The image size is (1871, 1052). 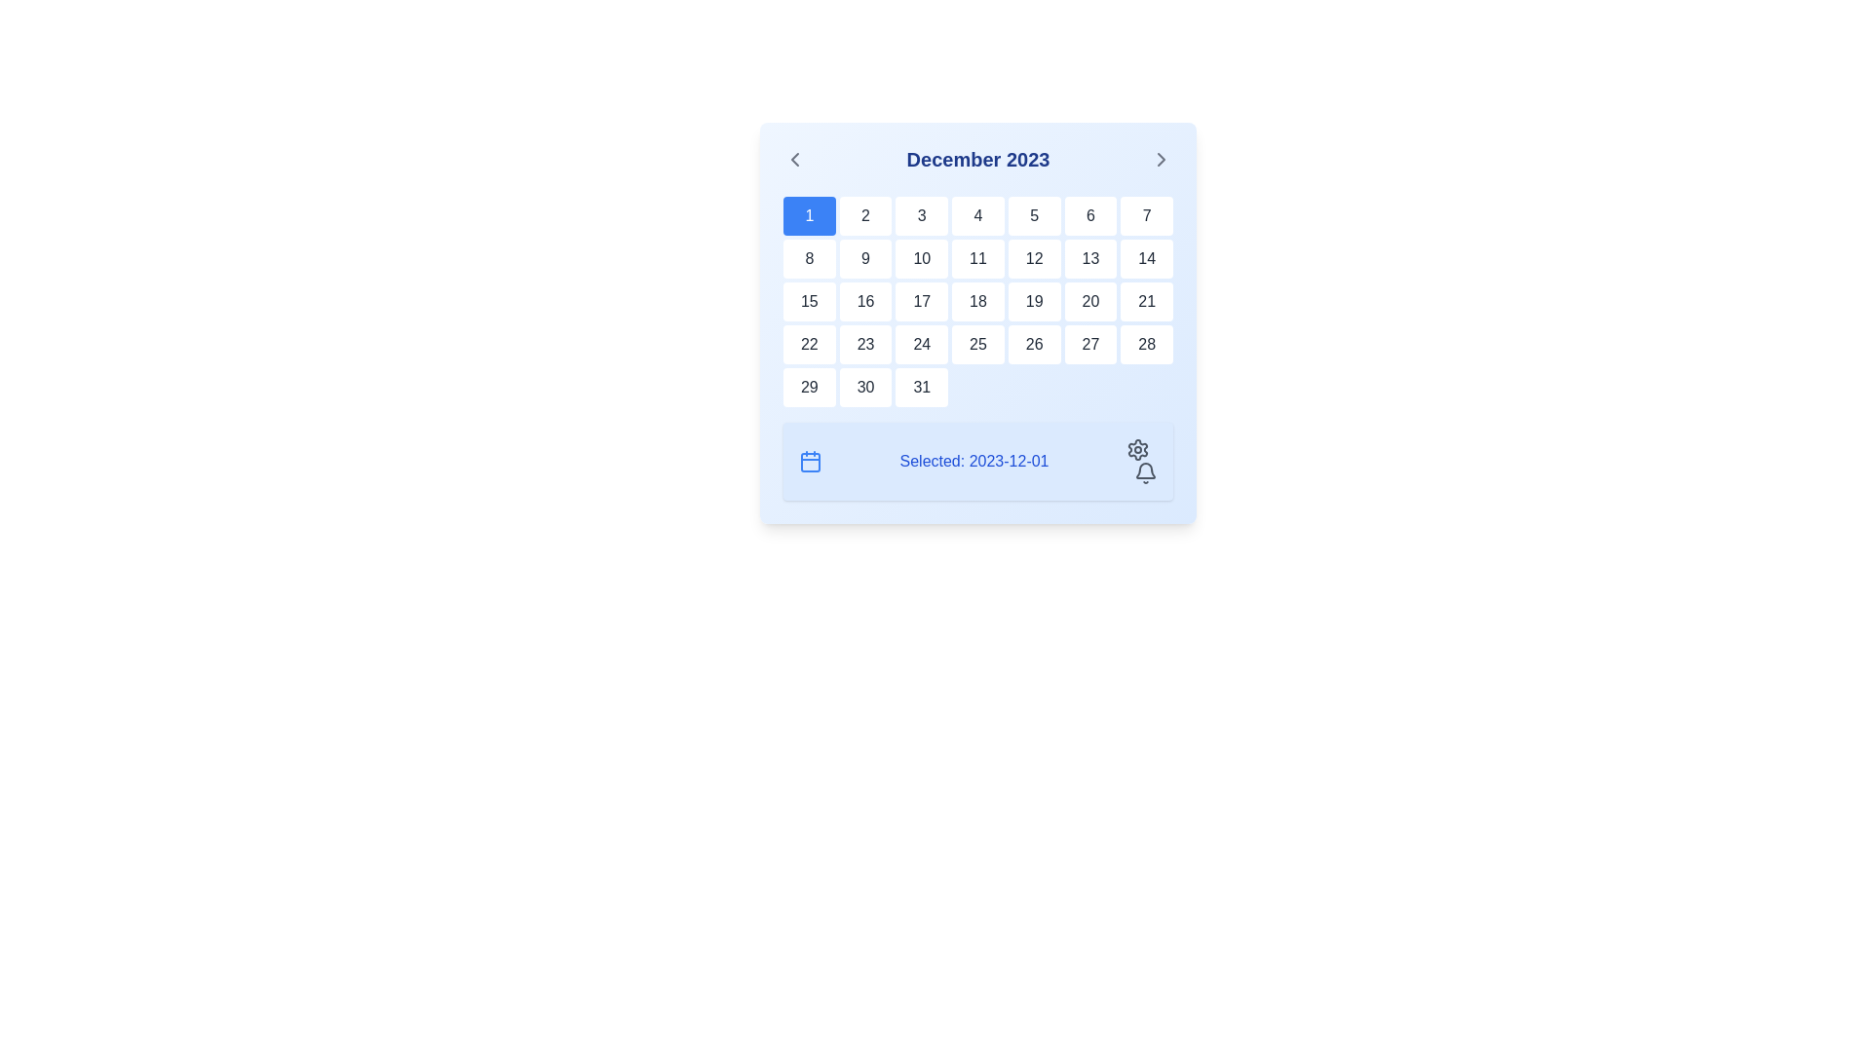 I want to click on the clickable calendar day item representing the 27th day, which is styled with a white background and has the text '27' in a bold, dark gray font, so click(x=1089, y=344).